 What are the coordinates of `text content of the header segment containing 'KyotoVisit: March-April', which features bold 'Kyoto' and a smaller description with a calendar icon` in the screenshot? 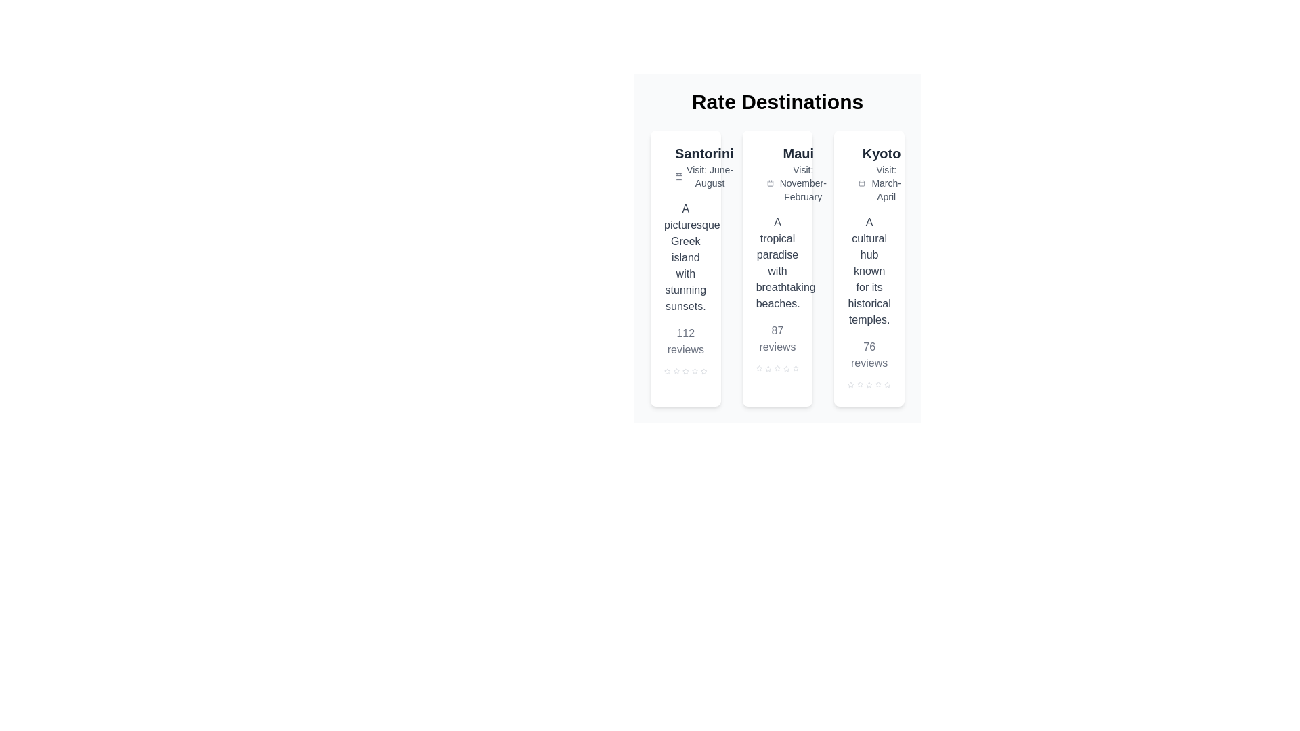 It's located at (869, 173).